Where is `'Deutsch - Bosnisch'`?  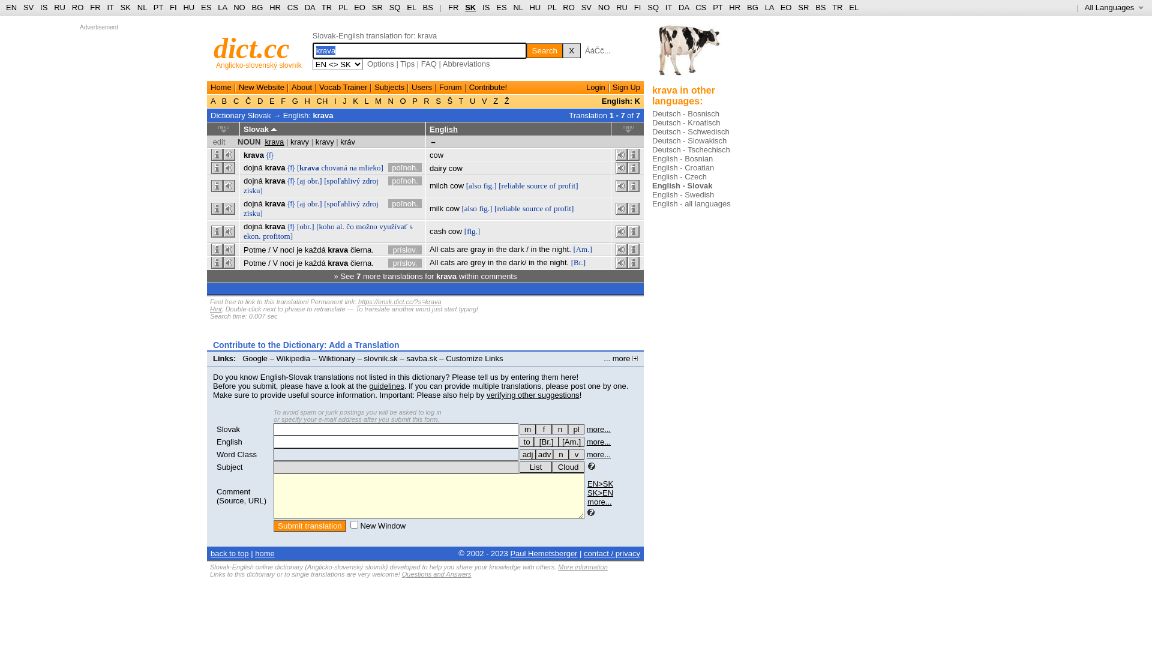 'Deutsch - Bosnisch' is located at coordinates (685, 113).